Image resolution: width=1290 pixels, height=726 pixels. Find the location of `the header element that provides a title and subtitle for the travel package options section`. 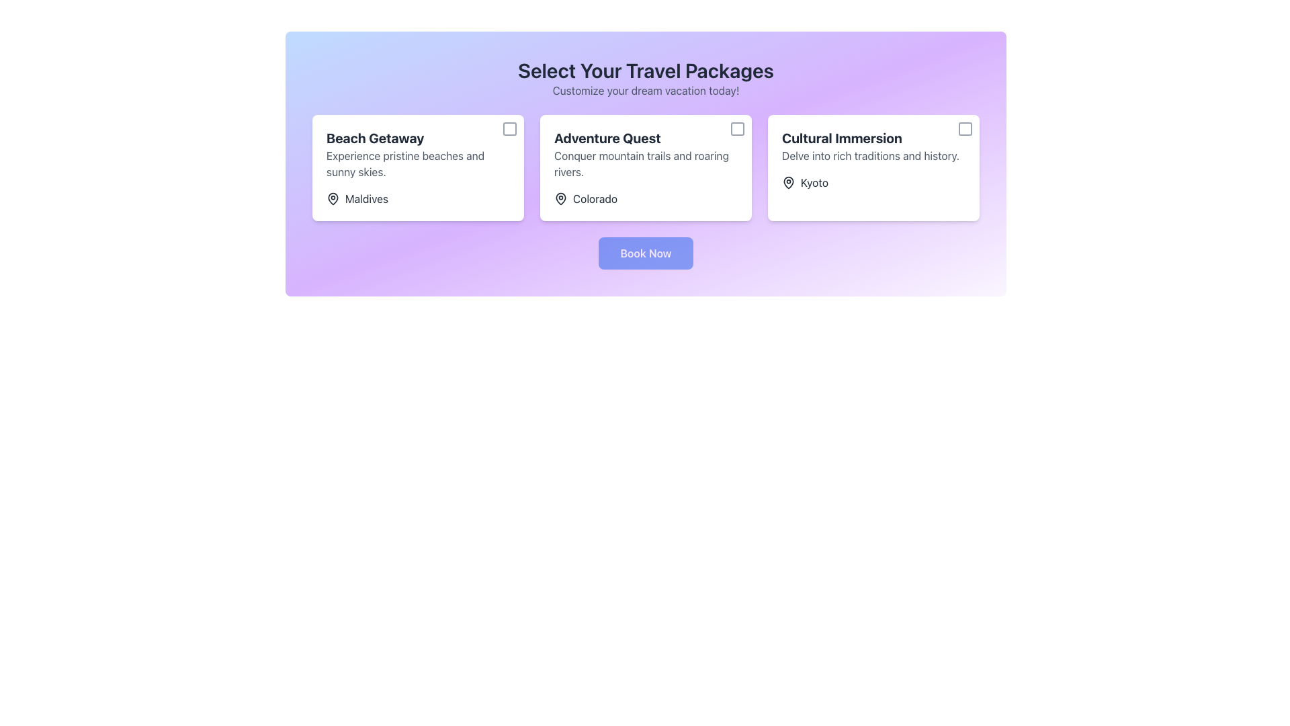

the header element that provides a title and subtitle for the travel package options section is located at coordinates (646, 78).